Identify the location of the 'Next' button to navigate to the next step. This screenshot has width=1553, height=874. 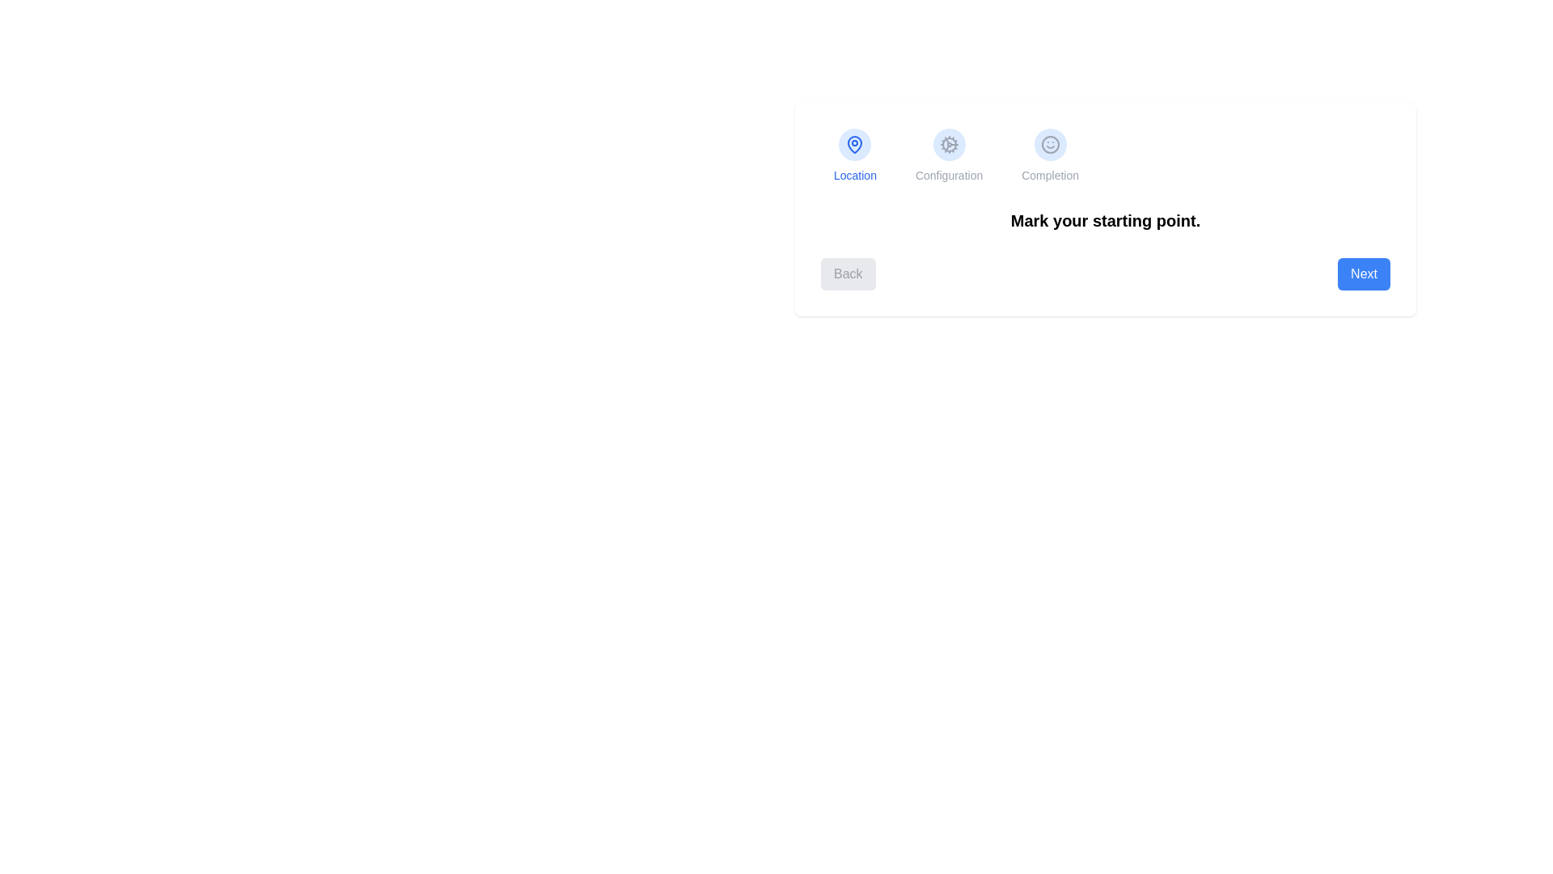
(1362, 274).